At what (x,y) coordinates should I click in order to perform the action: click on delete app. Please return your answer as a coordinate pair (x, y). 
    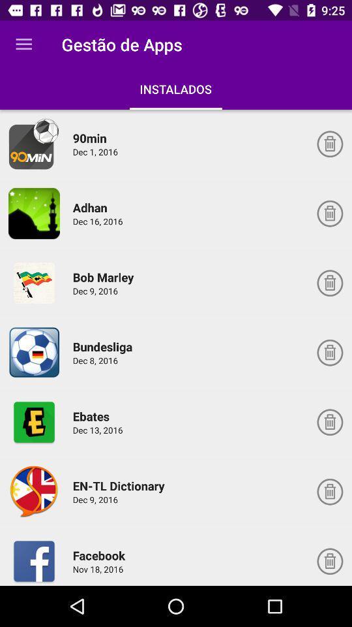
    Looking at the image, I should click on (329, 283).